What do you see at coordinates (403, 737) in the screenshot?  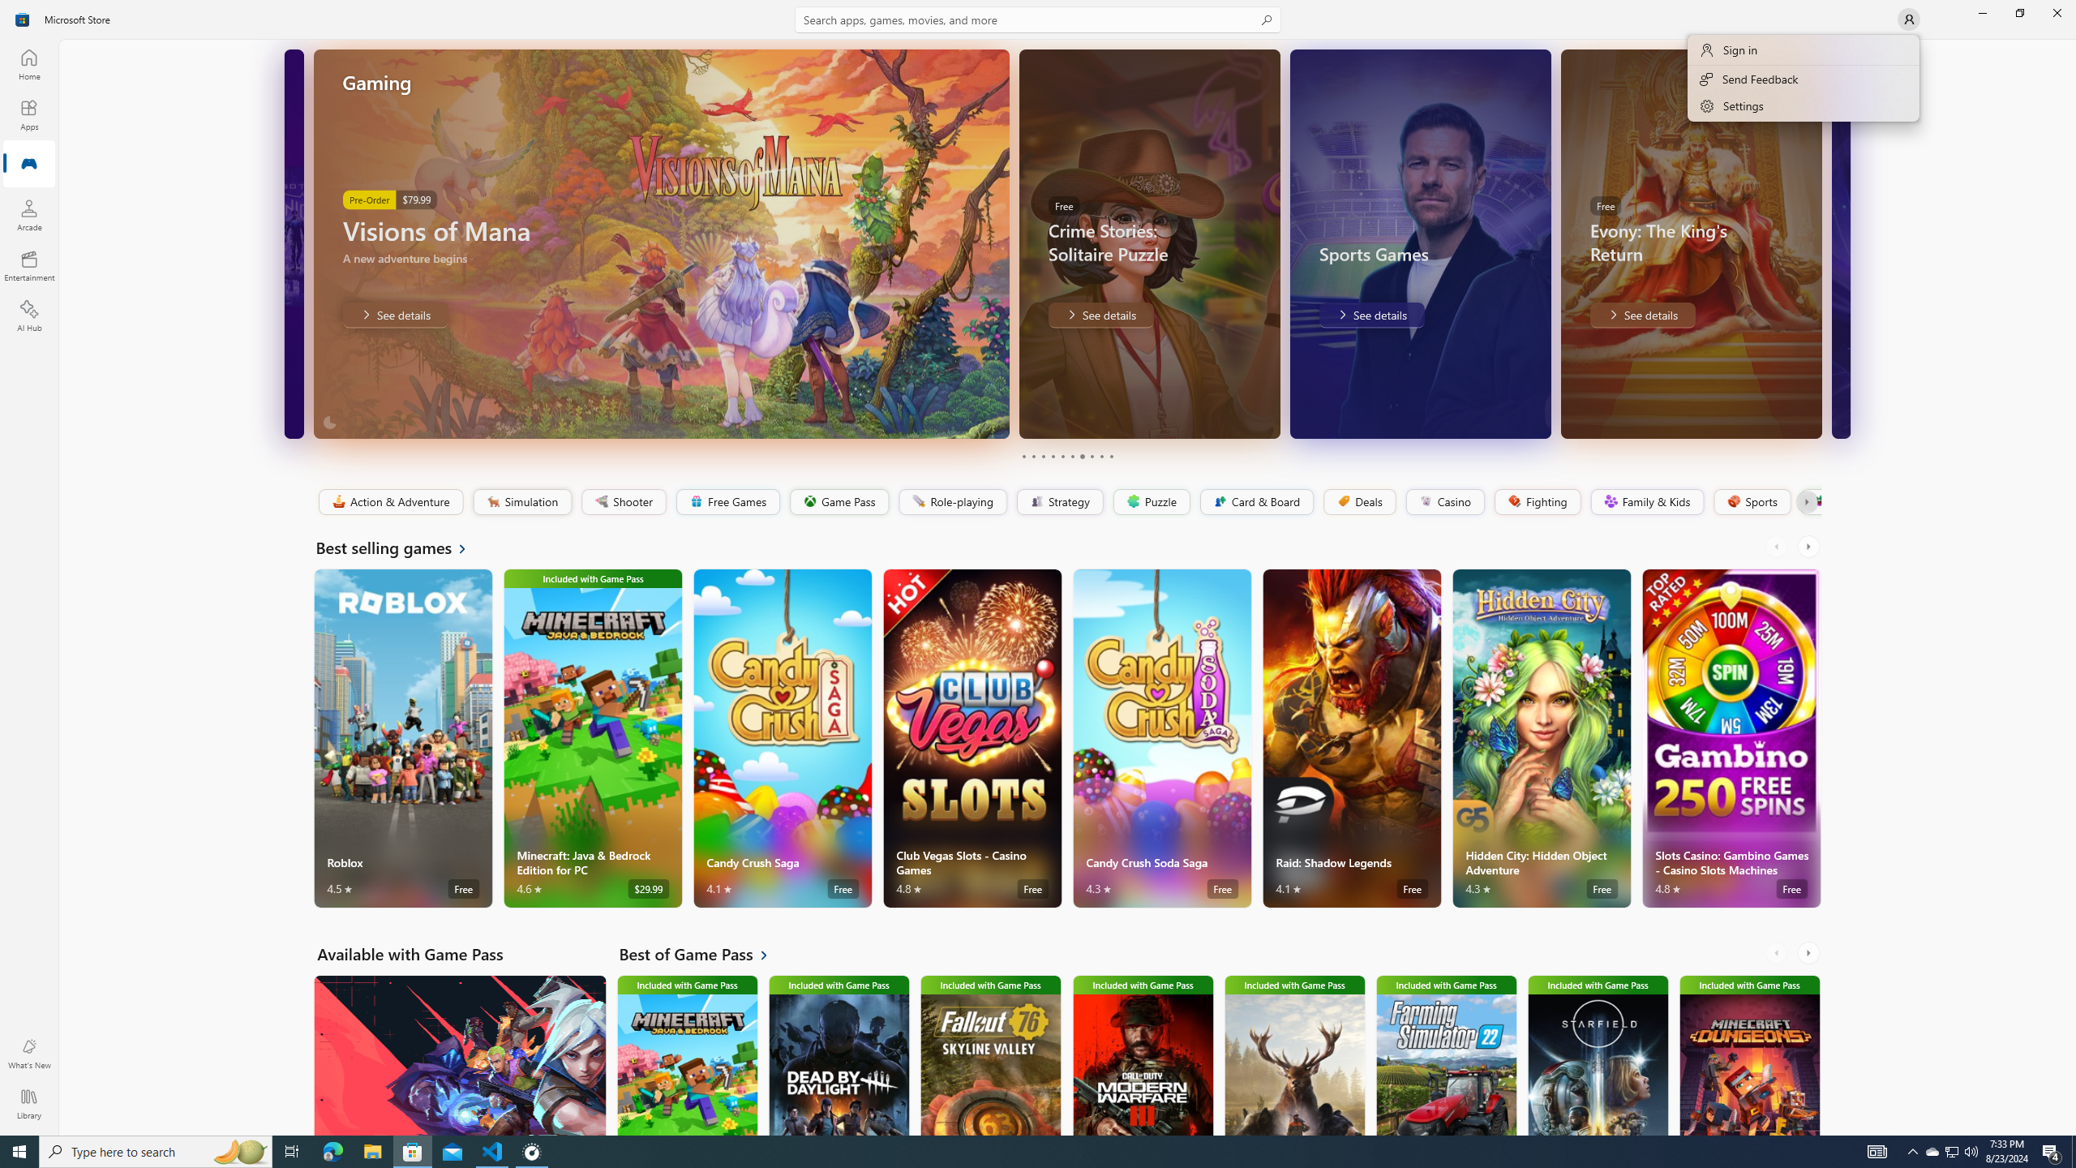 I see `'Roblox. Average rating of 4.5 out of five stars. Free  '` at bounding box center [403, 737].